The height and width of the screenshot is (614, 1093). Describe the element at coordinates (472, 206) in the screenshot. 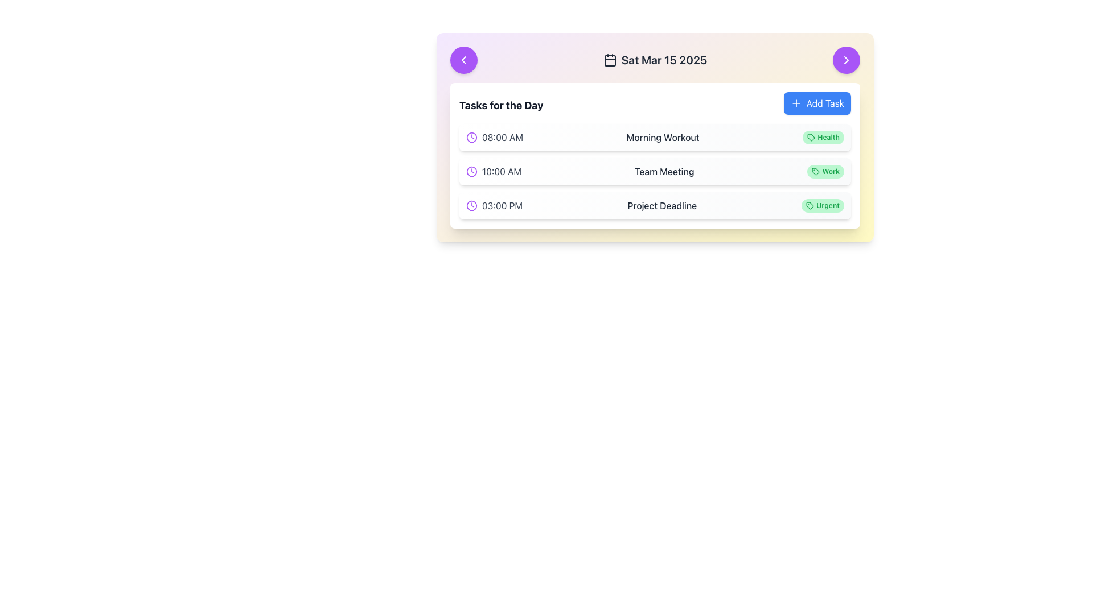

I see `the purple clock icon located to the left of the '03:00 PM' text in the 'Tasks for the Day' section` at that location.